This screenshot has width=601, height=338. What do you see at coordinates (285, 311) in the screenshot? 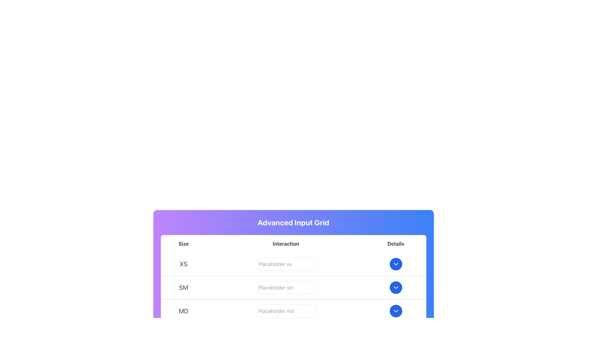
I see `the text input field located in the 'Interaction' column of the 'MD' row to focus for user input` at bounding box center [285, 311].